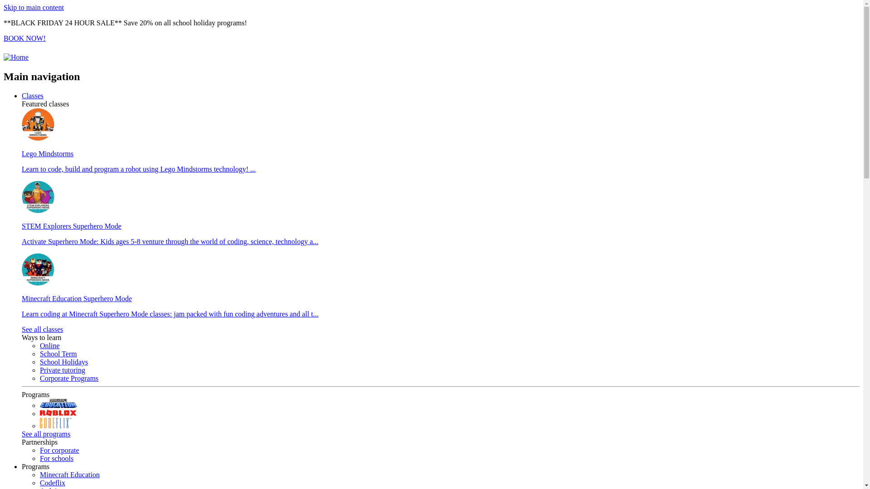 The width and height of the screenshot is (870, 489). What do you see at coordinates (24, 38) in the screenshot?
I see `'BOOK NOW!'` at bounding box center [24, 38].